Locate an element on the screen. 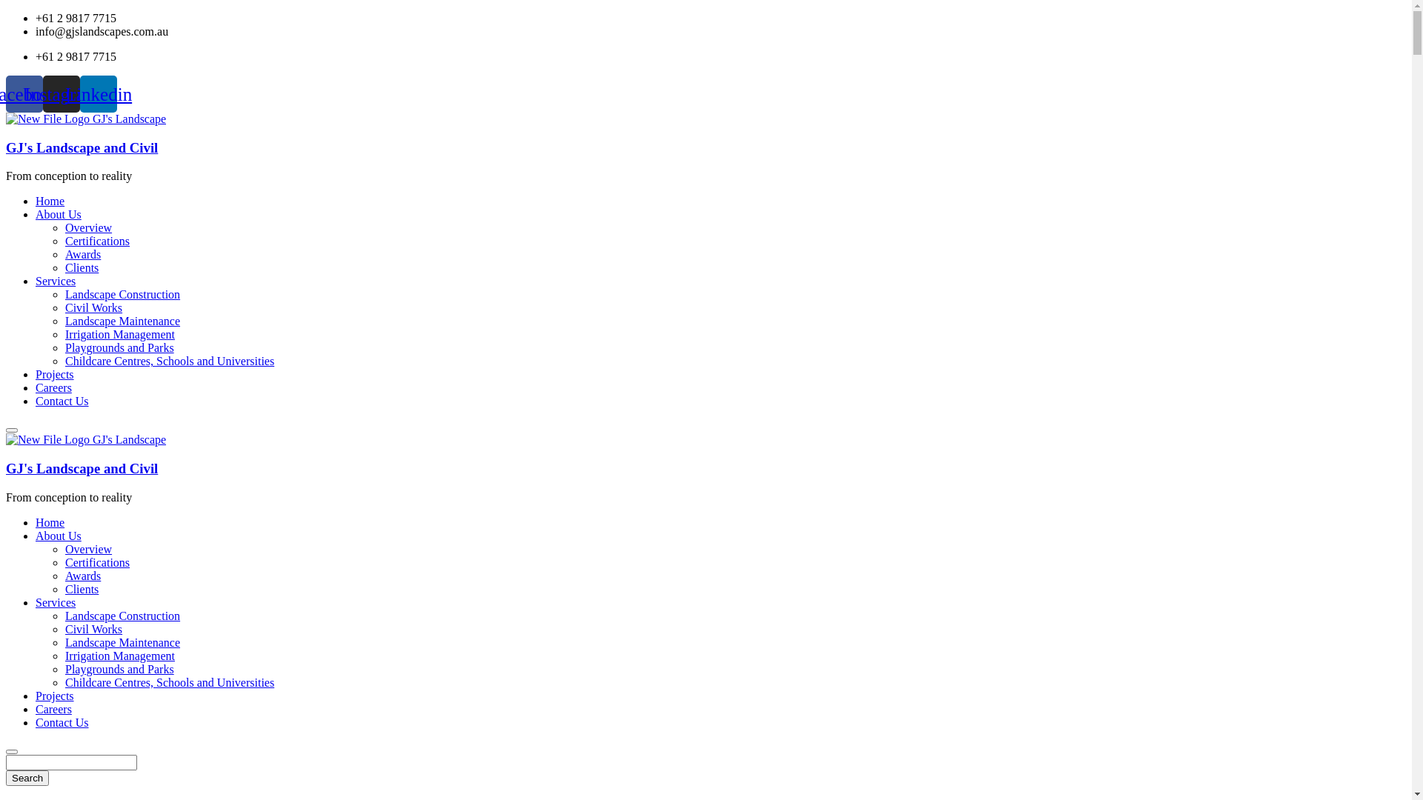  'GJ's Landscape and Civil' is located at coordinates (81, 468).